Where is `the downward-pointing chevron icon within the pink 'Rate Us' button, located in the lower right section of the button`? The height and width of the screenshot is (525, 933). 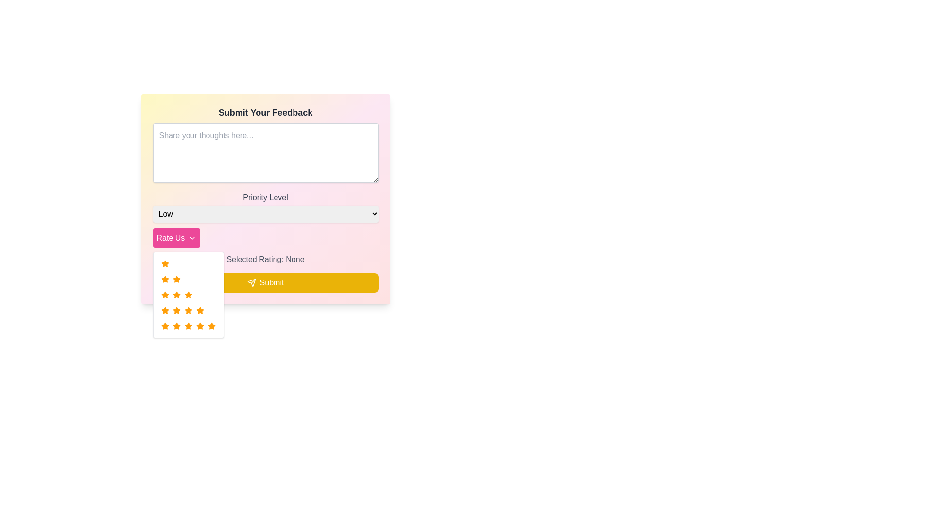
the downward-pointing chevron icon within the pink 'Rate Us' button, located in the lower right section of the button is located at coordinates (192, 238).